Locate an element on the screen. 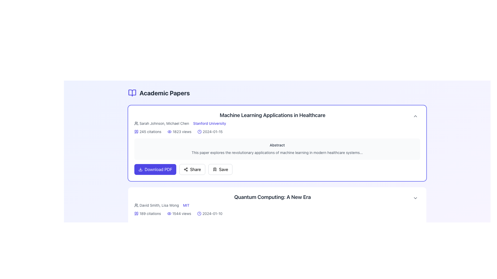  the save button located to the right of the 'Share' button at the bottom of the card representing the academic paper 'Machine Learning Applications in Healthcare' is located at coordinates (220, 169).